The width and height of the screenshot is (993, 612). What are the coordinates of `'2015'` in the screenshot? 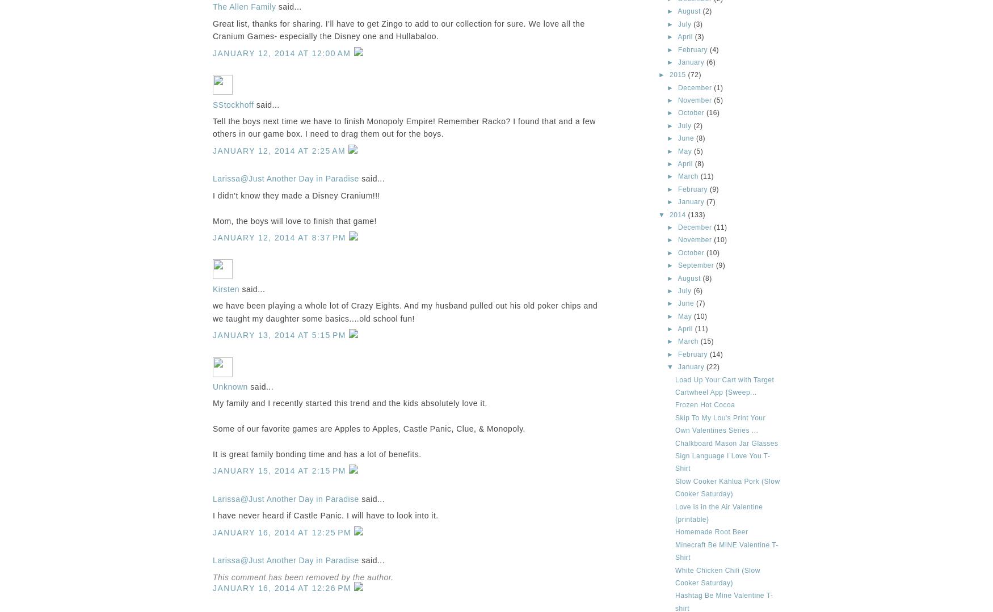 It's located at (678, 74).